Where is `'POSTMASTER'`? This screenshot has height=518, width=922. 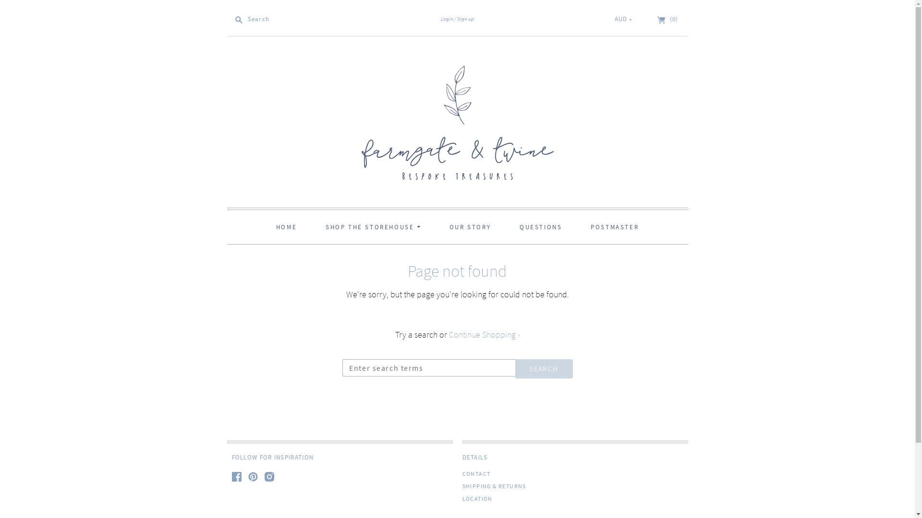
'POSTMASTER' is located at coordinates (615, 227).